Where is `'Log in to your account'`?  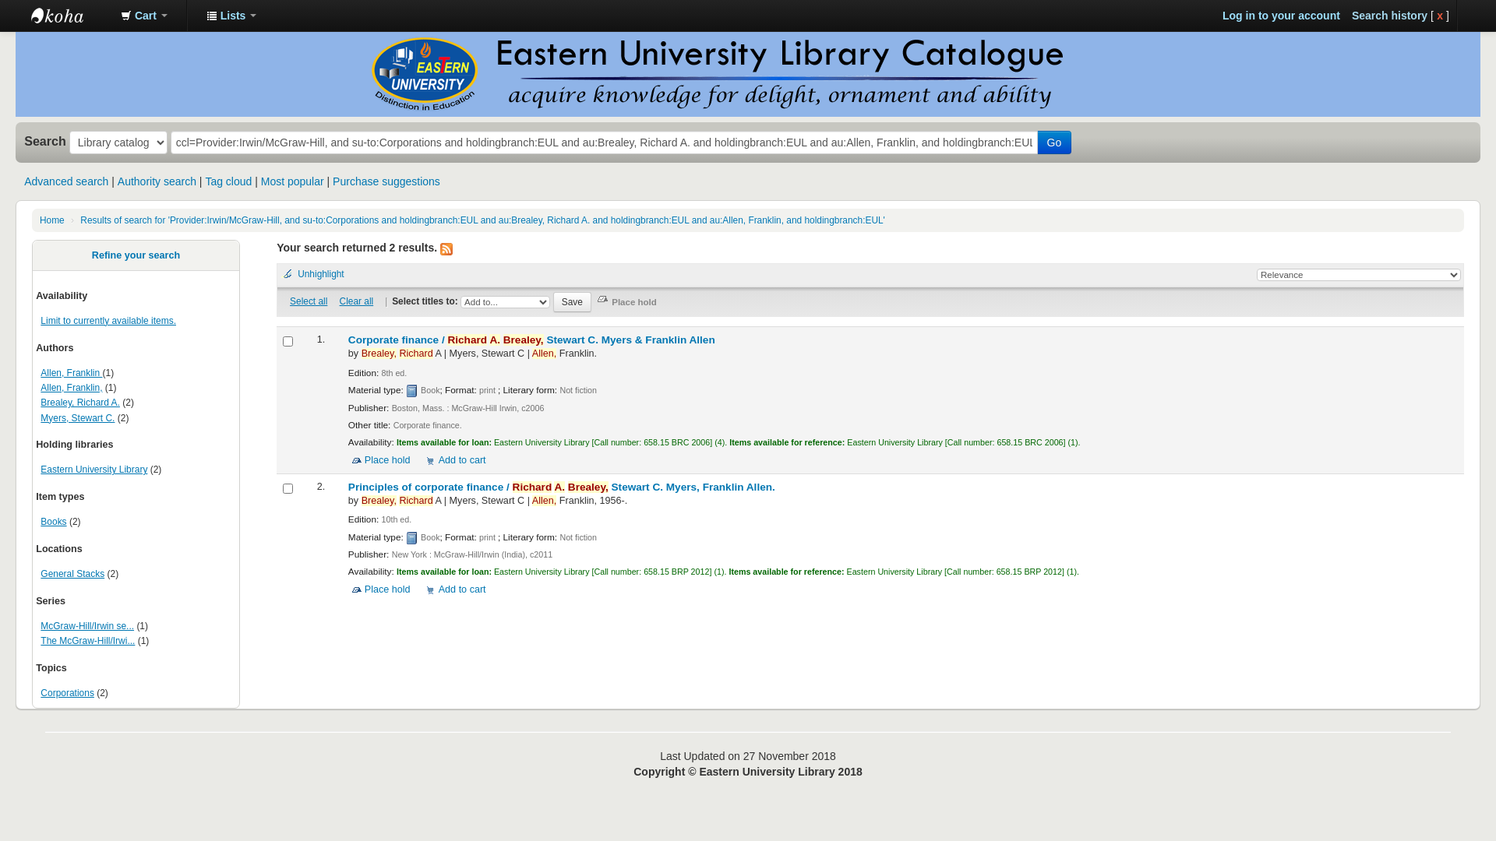
'Log in to your account' is located at coordinates (1281, 15).